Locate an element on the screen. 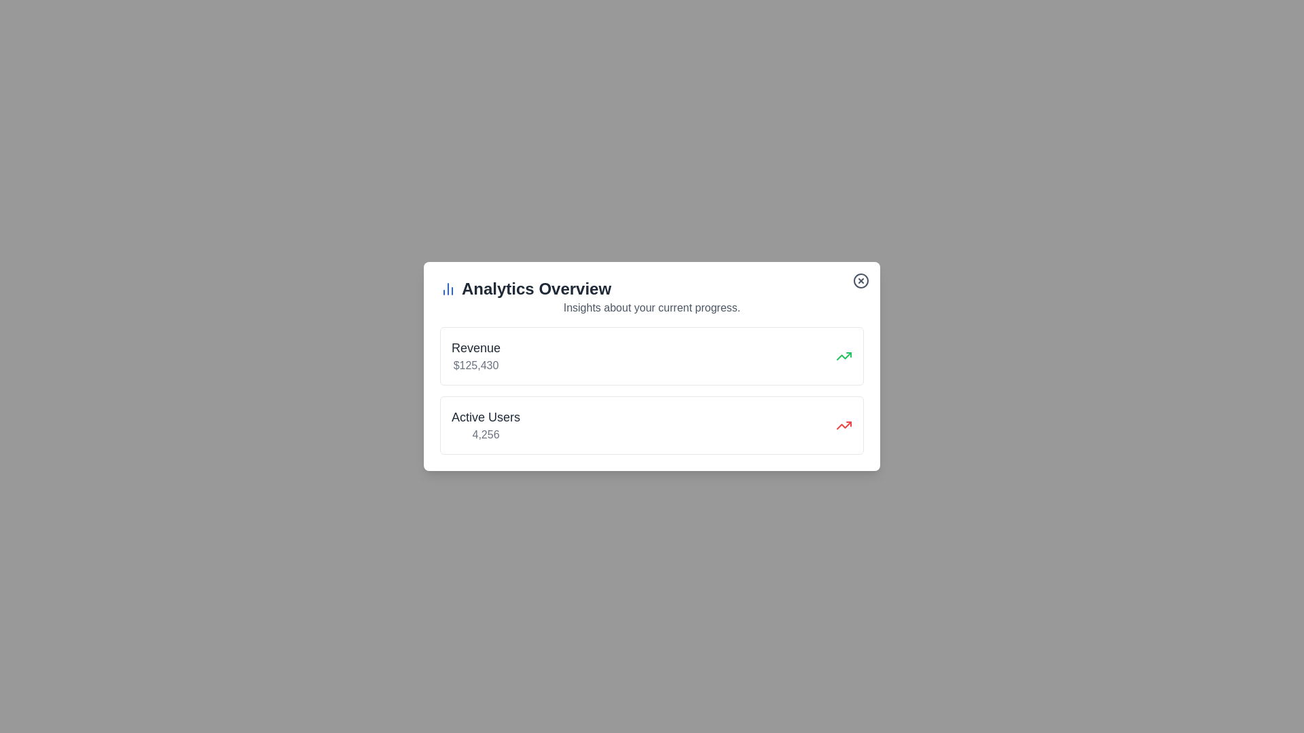 The image size is (1304, 733). the 'Active Users' text label, which is styled in bold and larger font, located in the second block of the 'Analytics Overview' card is located at coordinates (486, 416).